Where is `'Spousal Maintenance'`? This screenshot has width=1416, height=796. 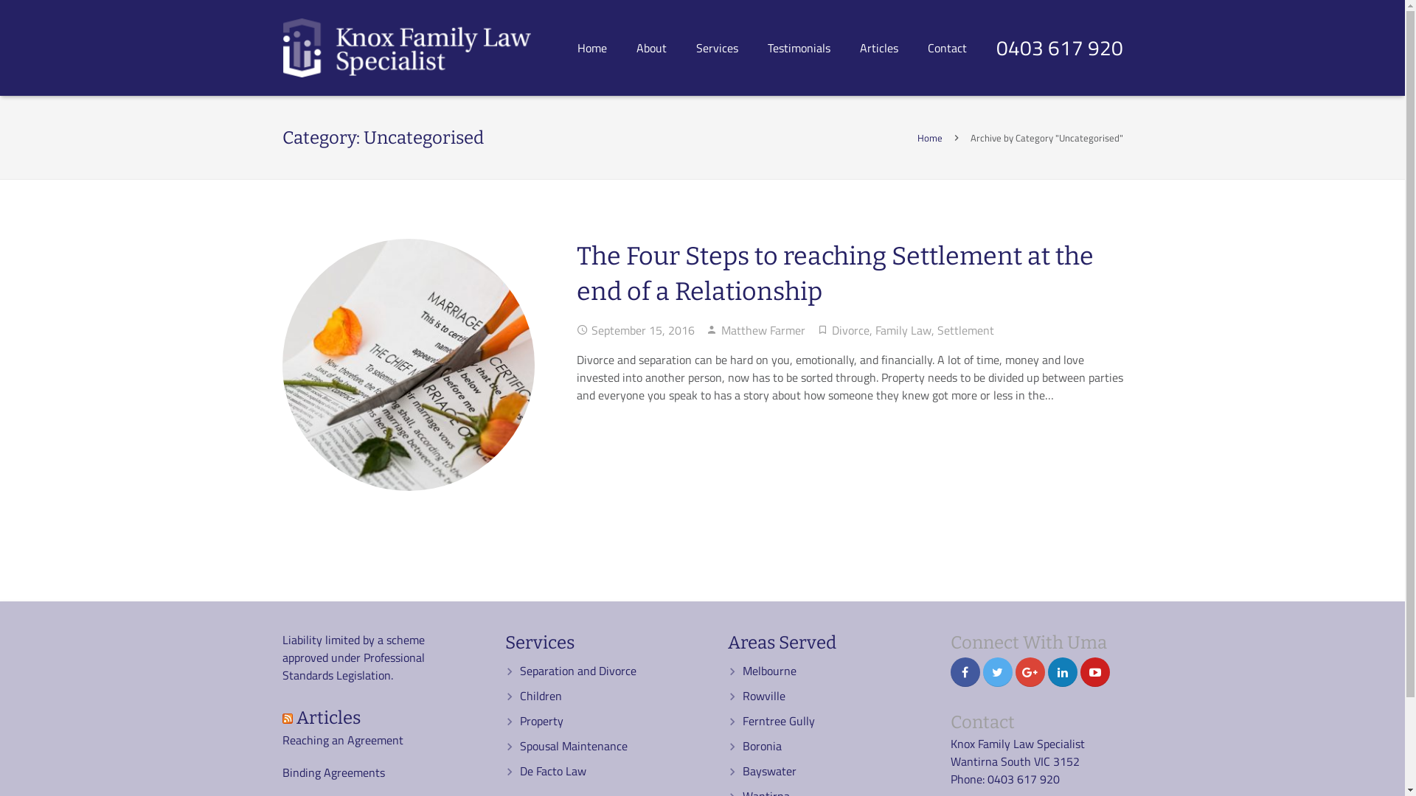 'Spousal Maintenance' is located at coordinates (572, 745).